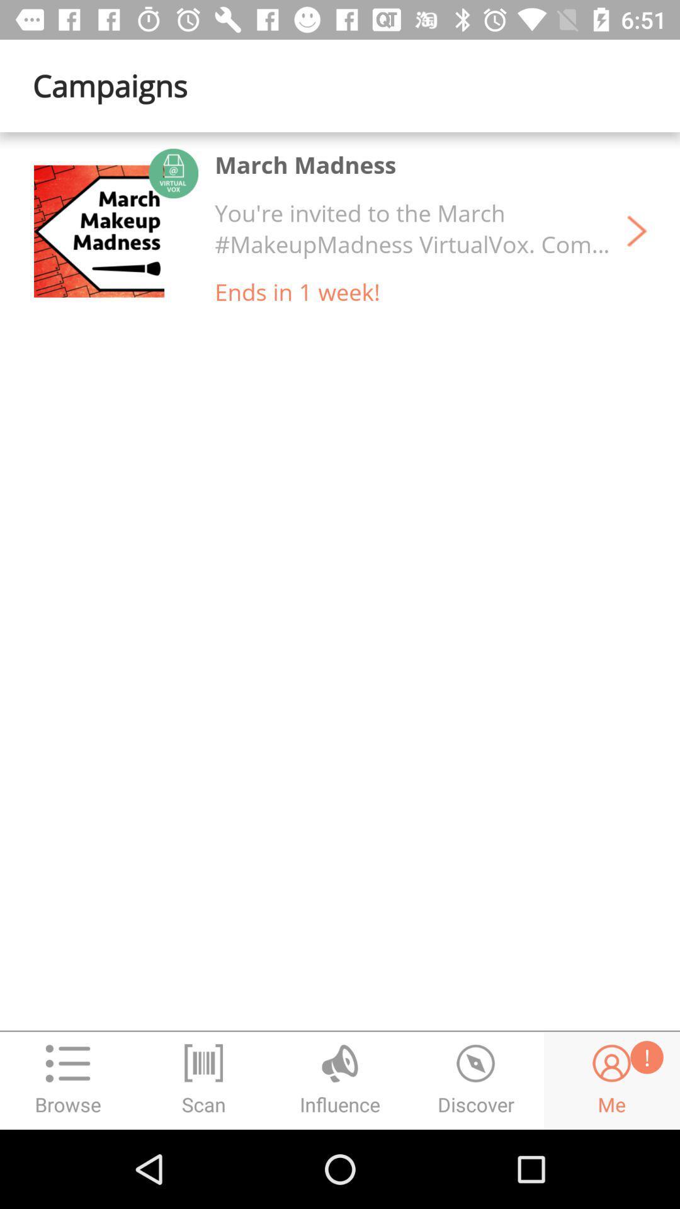 The height and width of the screenshot is (1209, 680). What do you see at coordinates (98, 231) in the screenshot?
I see `item to the left of the march madness icon` at bounding box center [98, 231].